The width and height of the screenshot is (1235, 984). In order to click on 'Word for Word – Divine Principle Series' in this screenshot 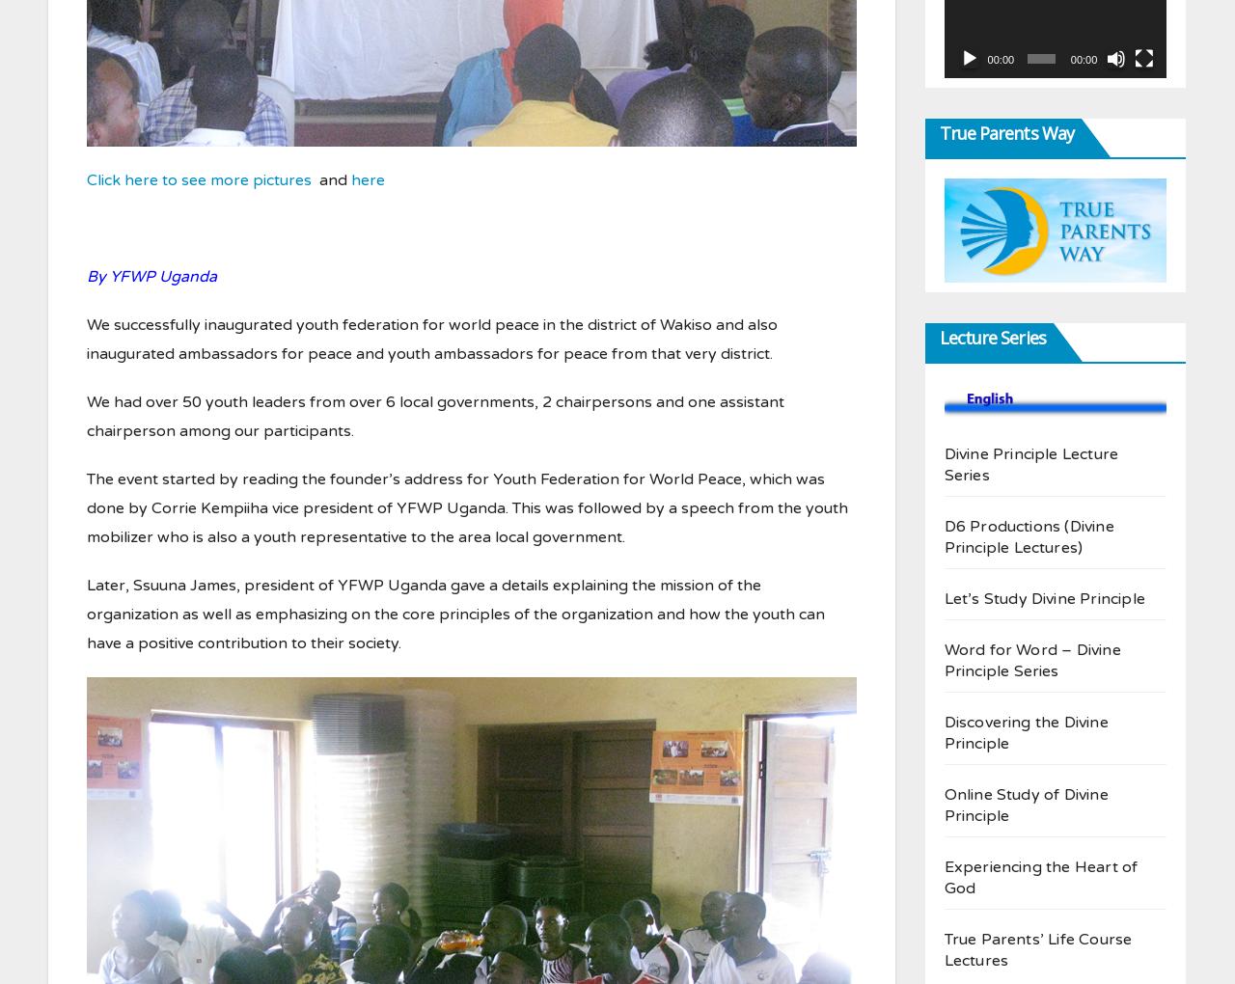, I will do `click(1030, 660)`.